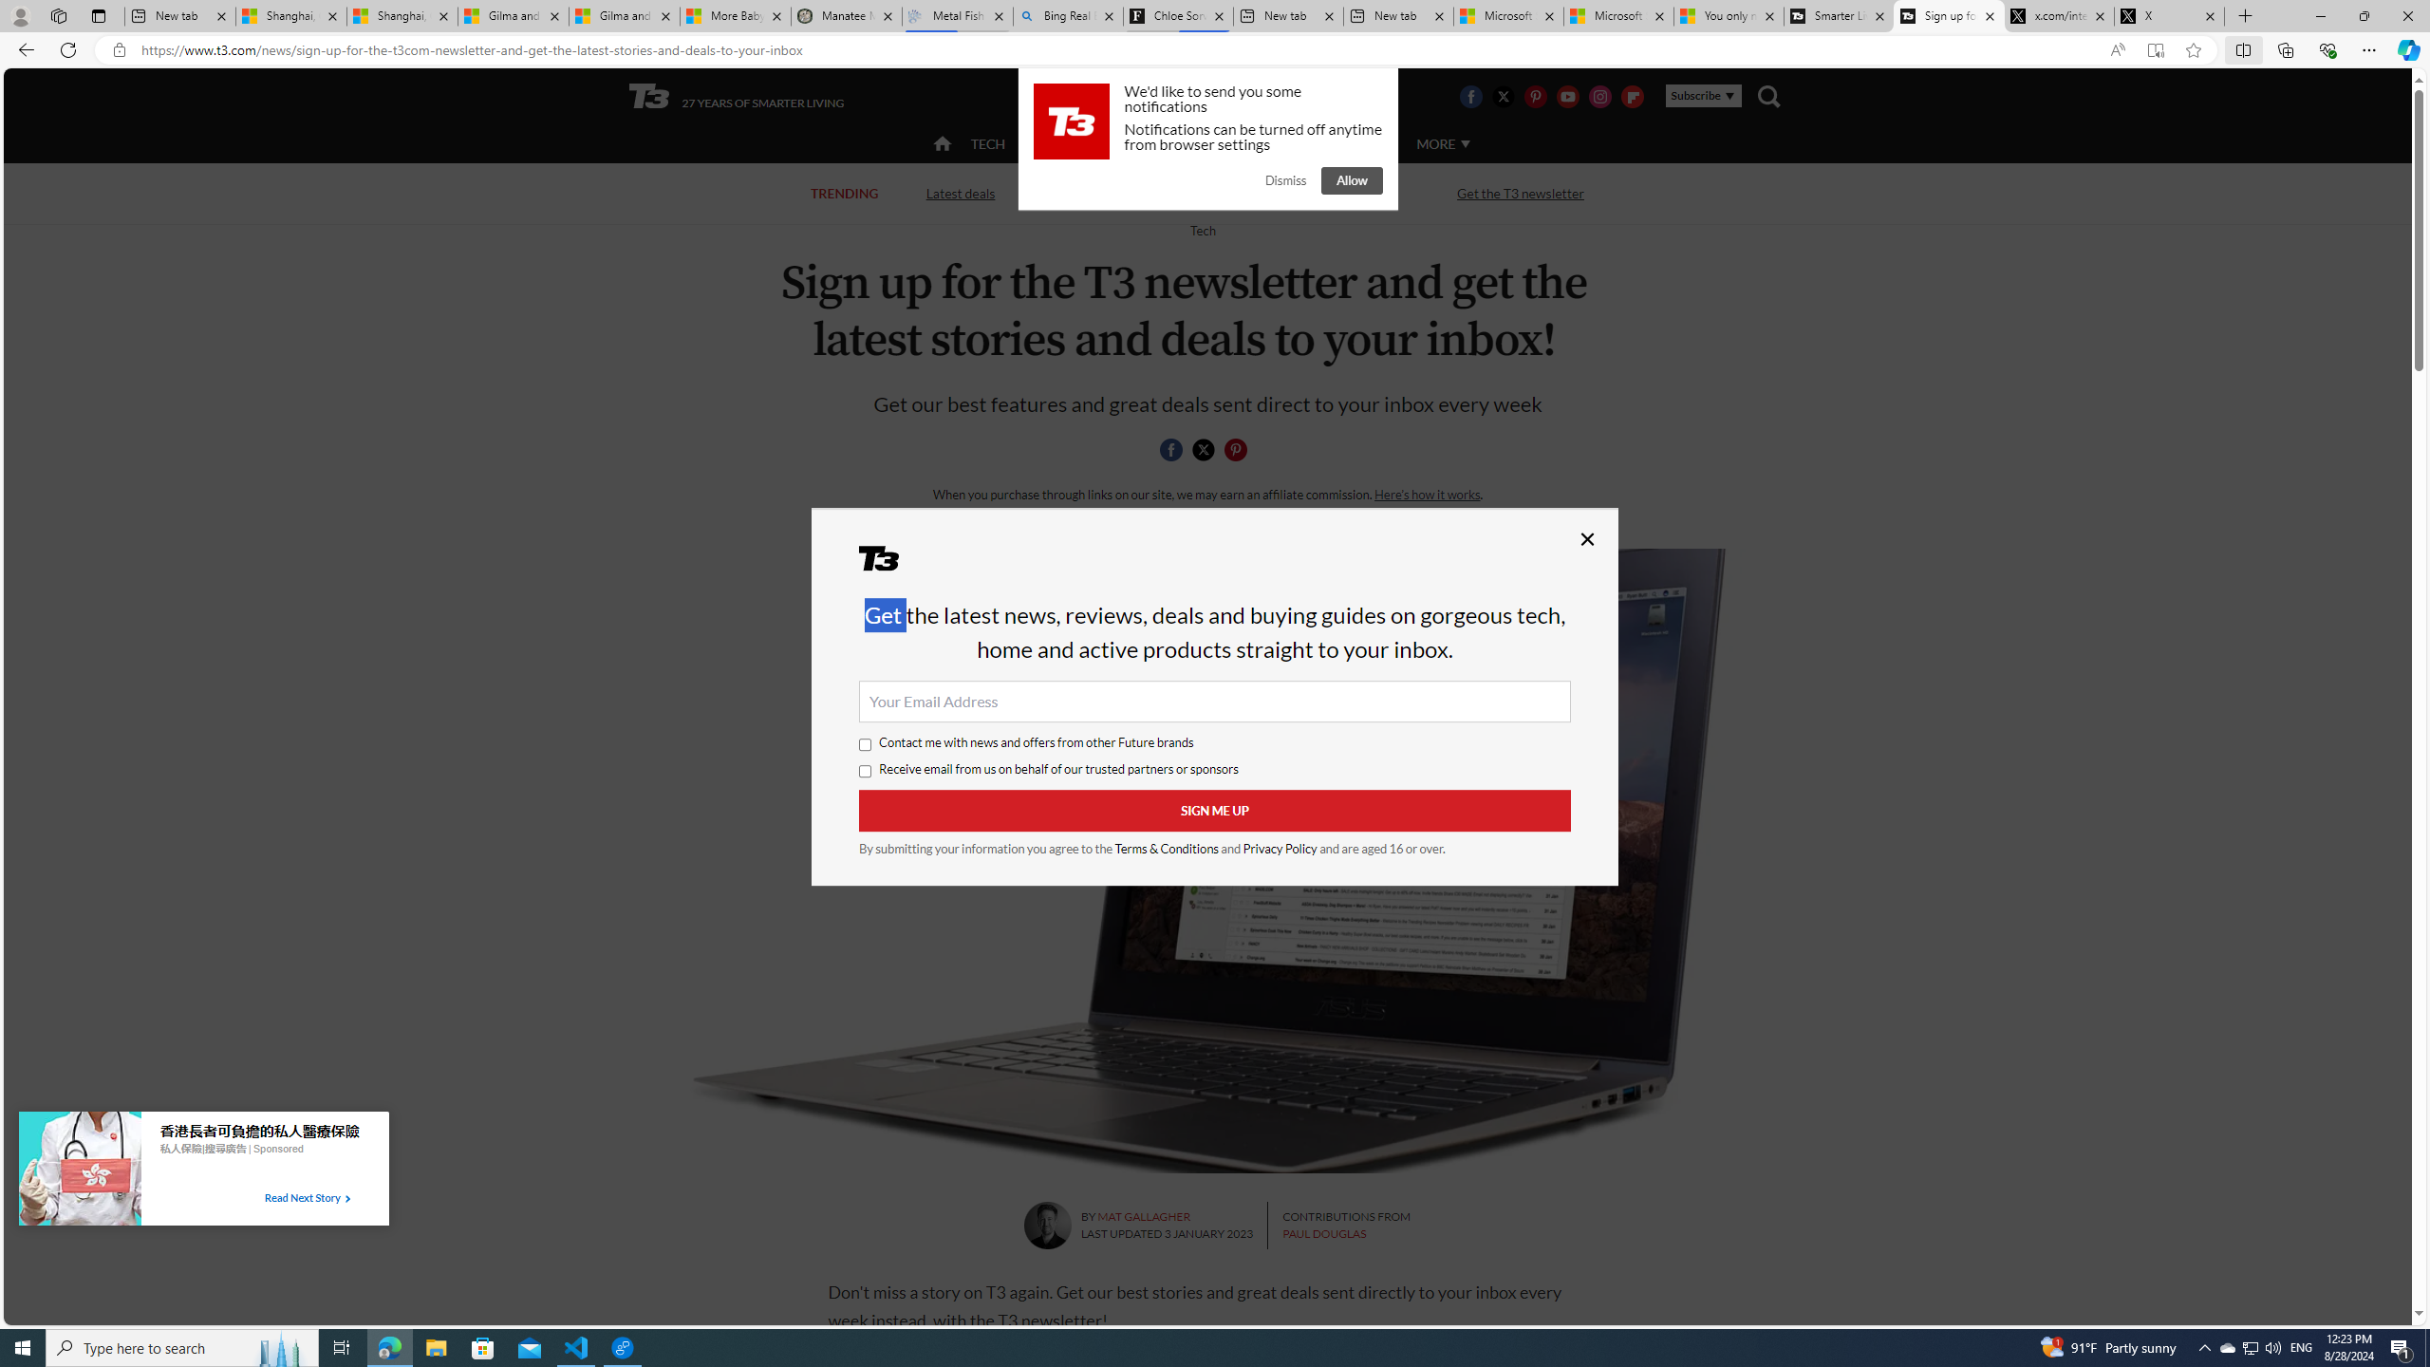 The image size is (2430, 1367). Describe the element at coordinates (2155, 50) in the screenshot. I see `'Enter Immersive Reader (F9)'` at that location.